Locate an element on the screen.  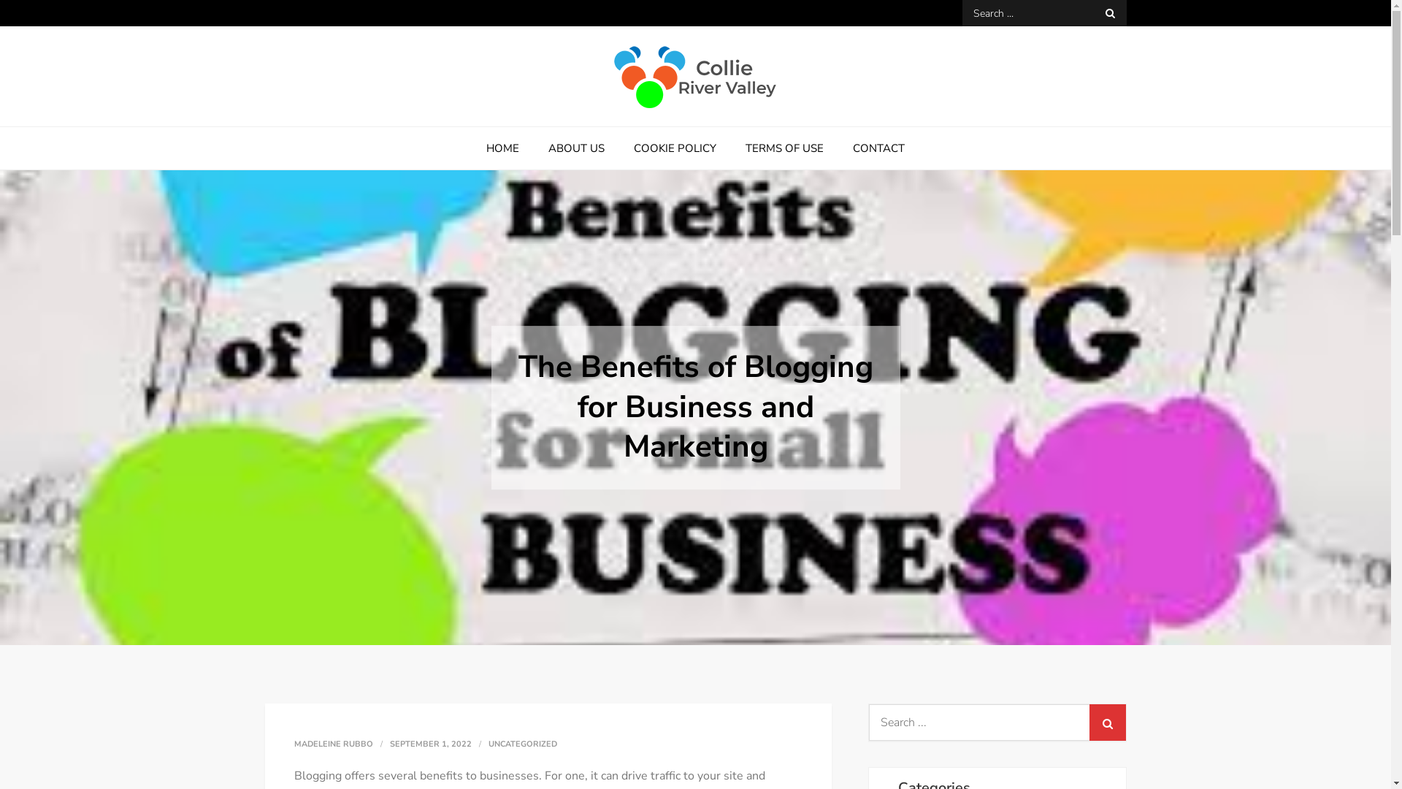
'MADELEINE RUBBO' is located at coordinates (332, 744).